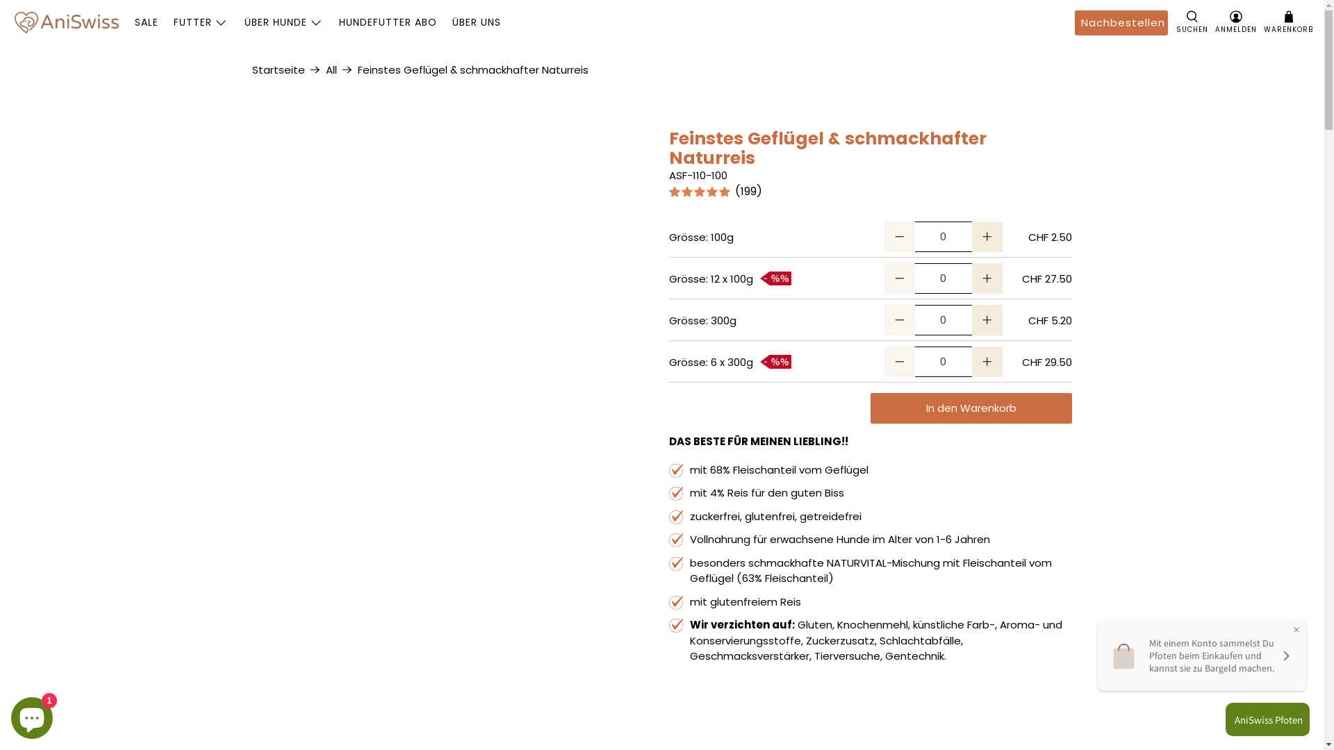  What do you see at coordinates (200, 22) in the screenshot?
I see `'FUTTER'` at bounding box center [200, 22].